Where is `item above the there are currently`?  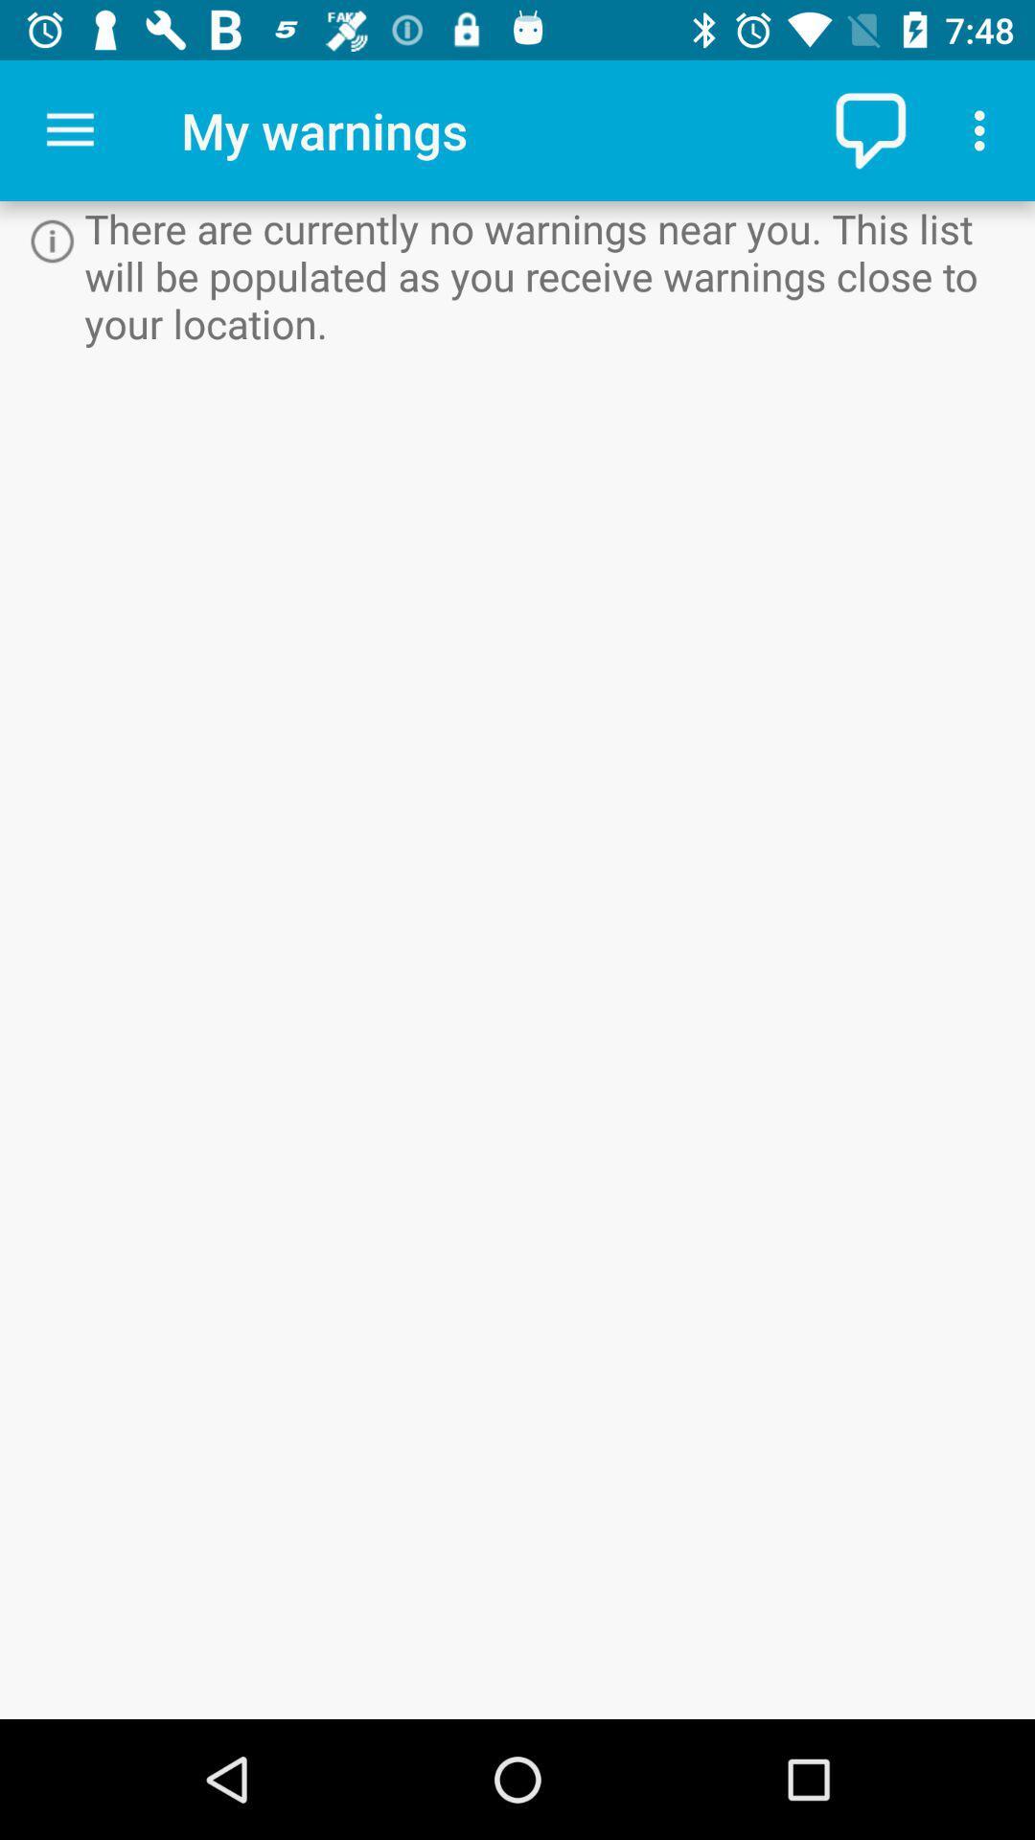 item above the there are currently is located at coordinates (873, 129).